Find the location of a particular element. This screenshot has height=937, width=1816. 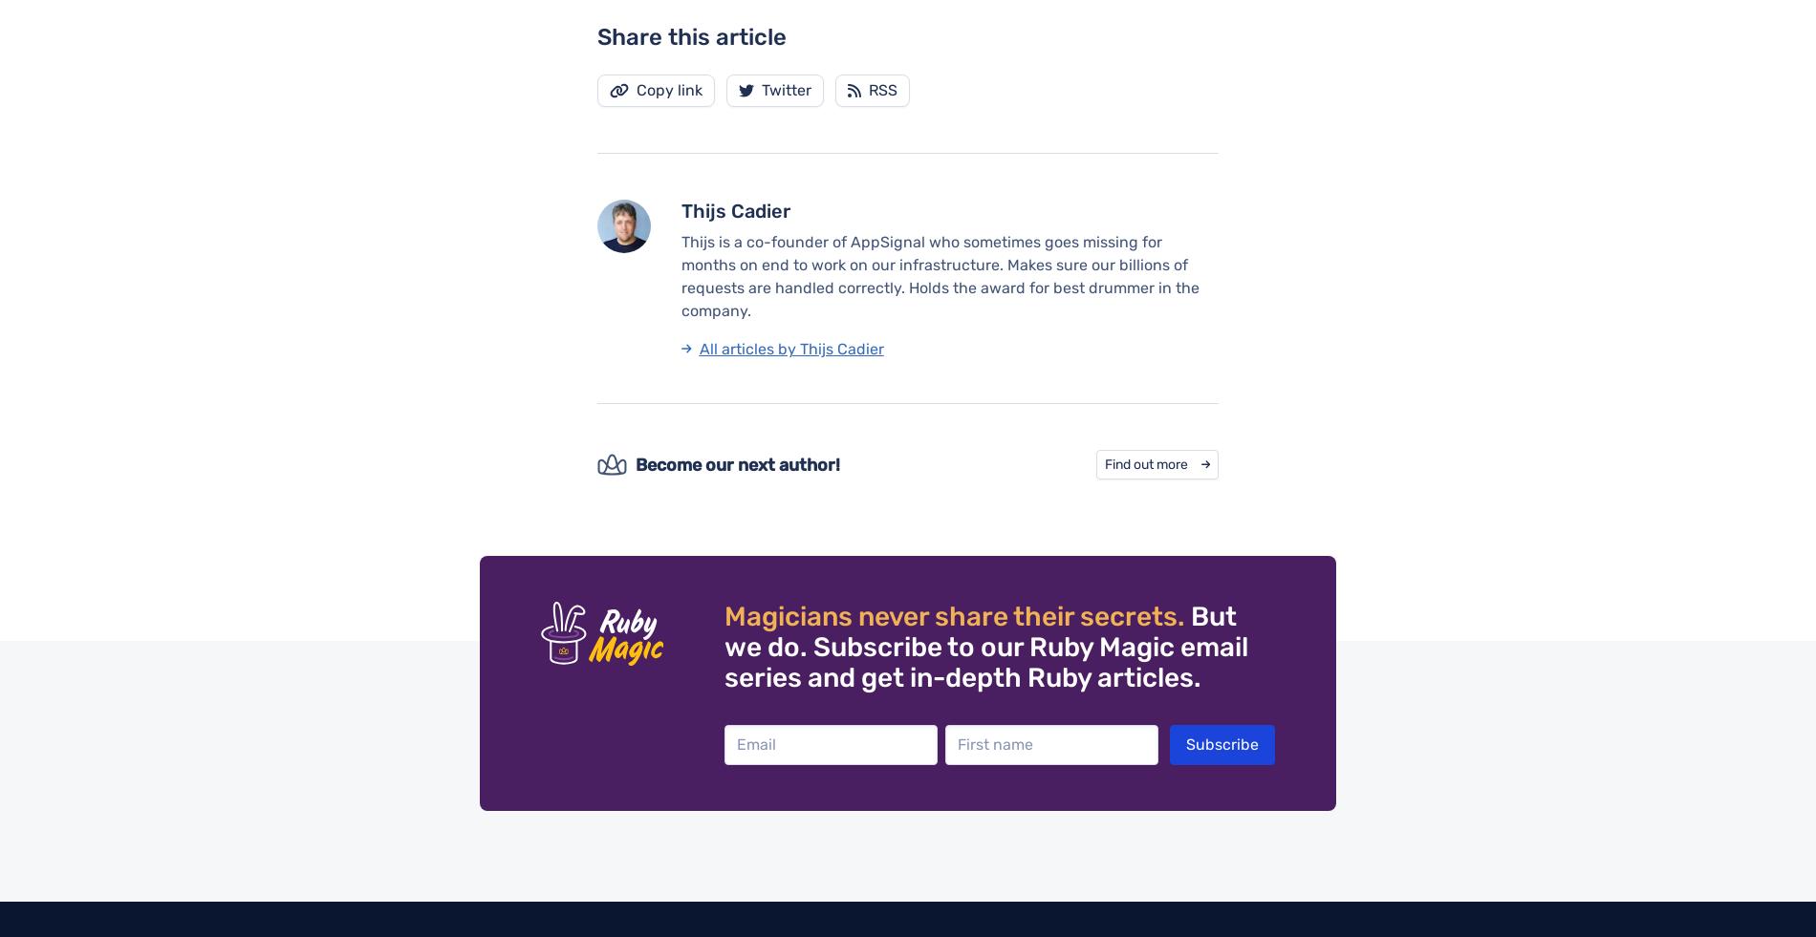

'Copy link' is located at coordinates (669, 88).